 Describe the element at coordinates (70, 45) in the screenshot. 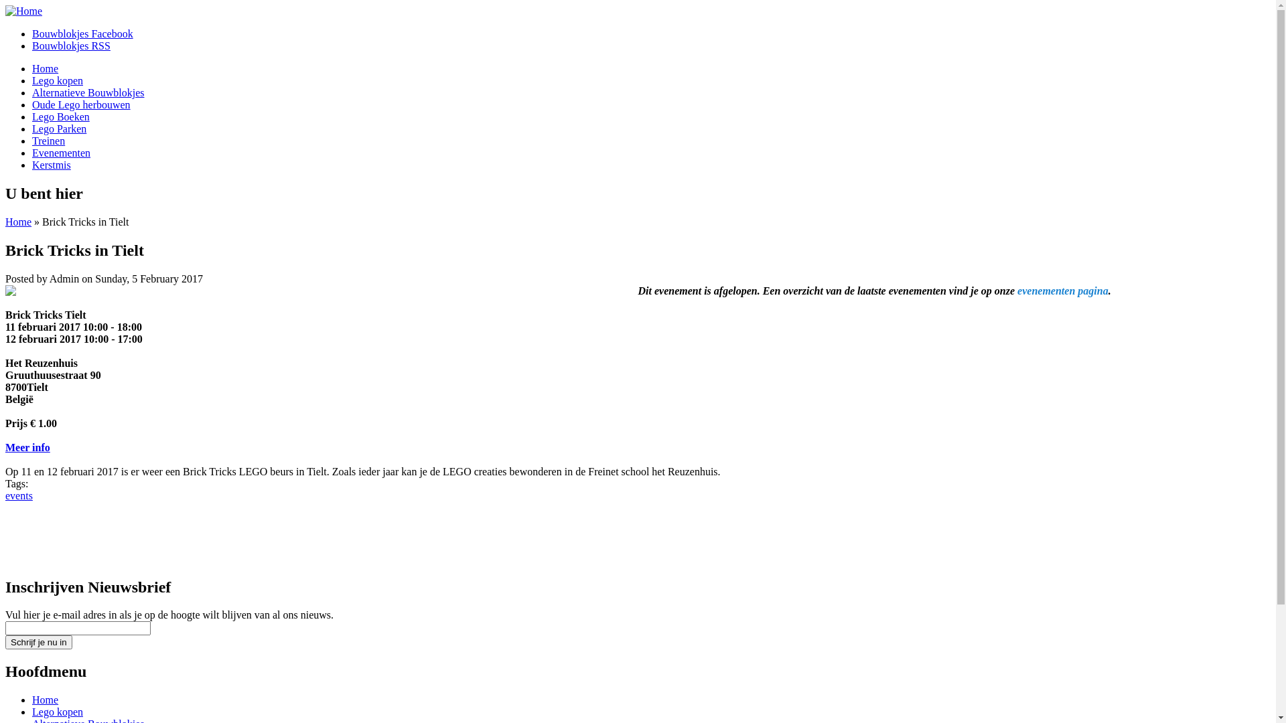

I see `'Bouwblokjes RSS'` at that location.